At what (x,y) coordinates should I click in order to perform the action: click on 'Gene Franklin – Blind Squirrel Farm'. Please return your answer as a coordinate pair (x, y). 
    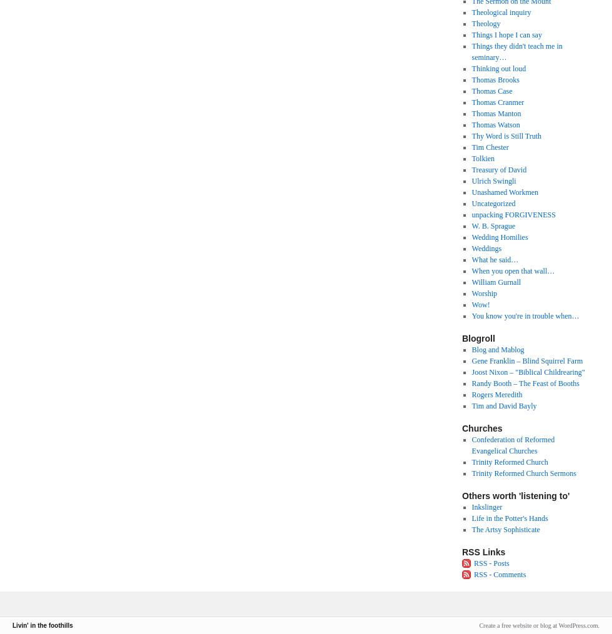
    Looking at the image, I should click on (526, 361).